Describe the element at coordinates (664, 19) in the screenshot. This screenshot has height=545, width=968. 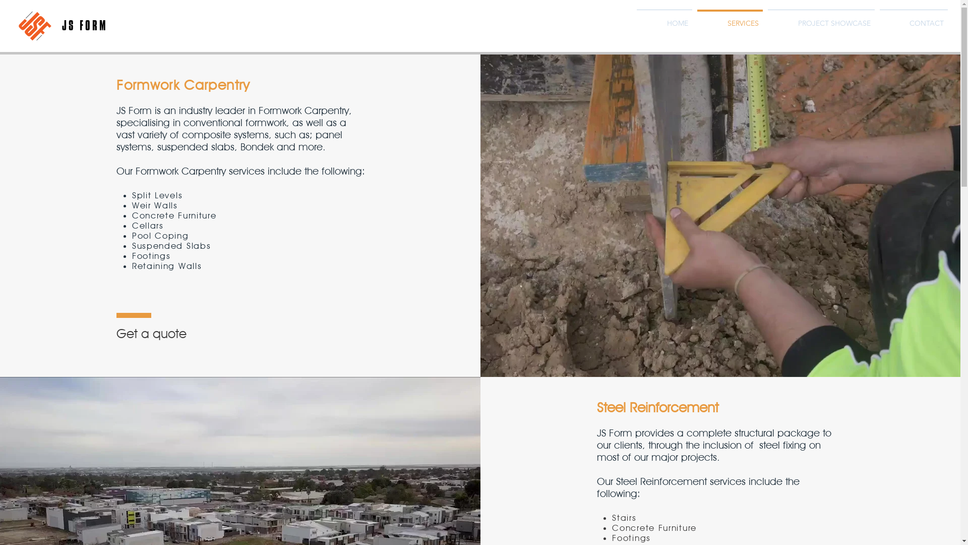
I see `'HOME'` at that location.